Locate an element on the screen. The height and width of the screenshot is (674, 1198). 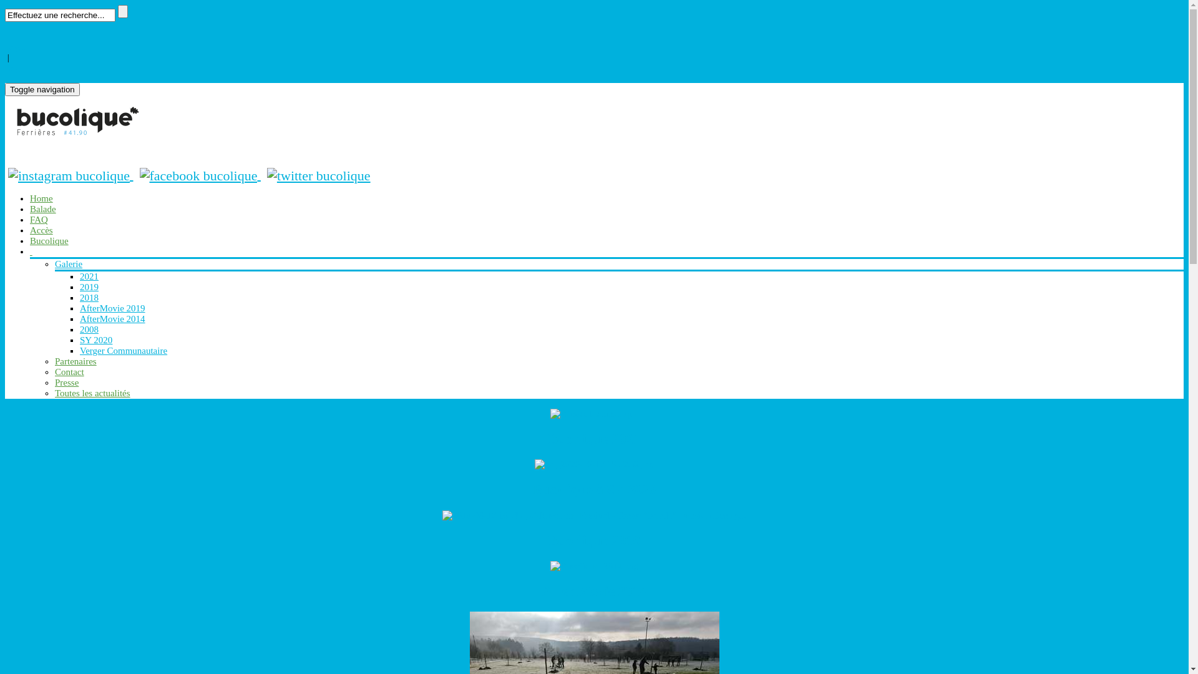
'2021' is located at coordinates (89, 276).